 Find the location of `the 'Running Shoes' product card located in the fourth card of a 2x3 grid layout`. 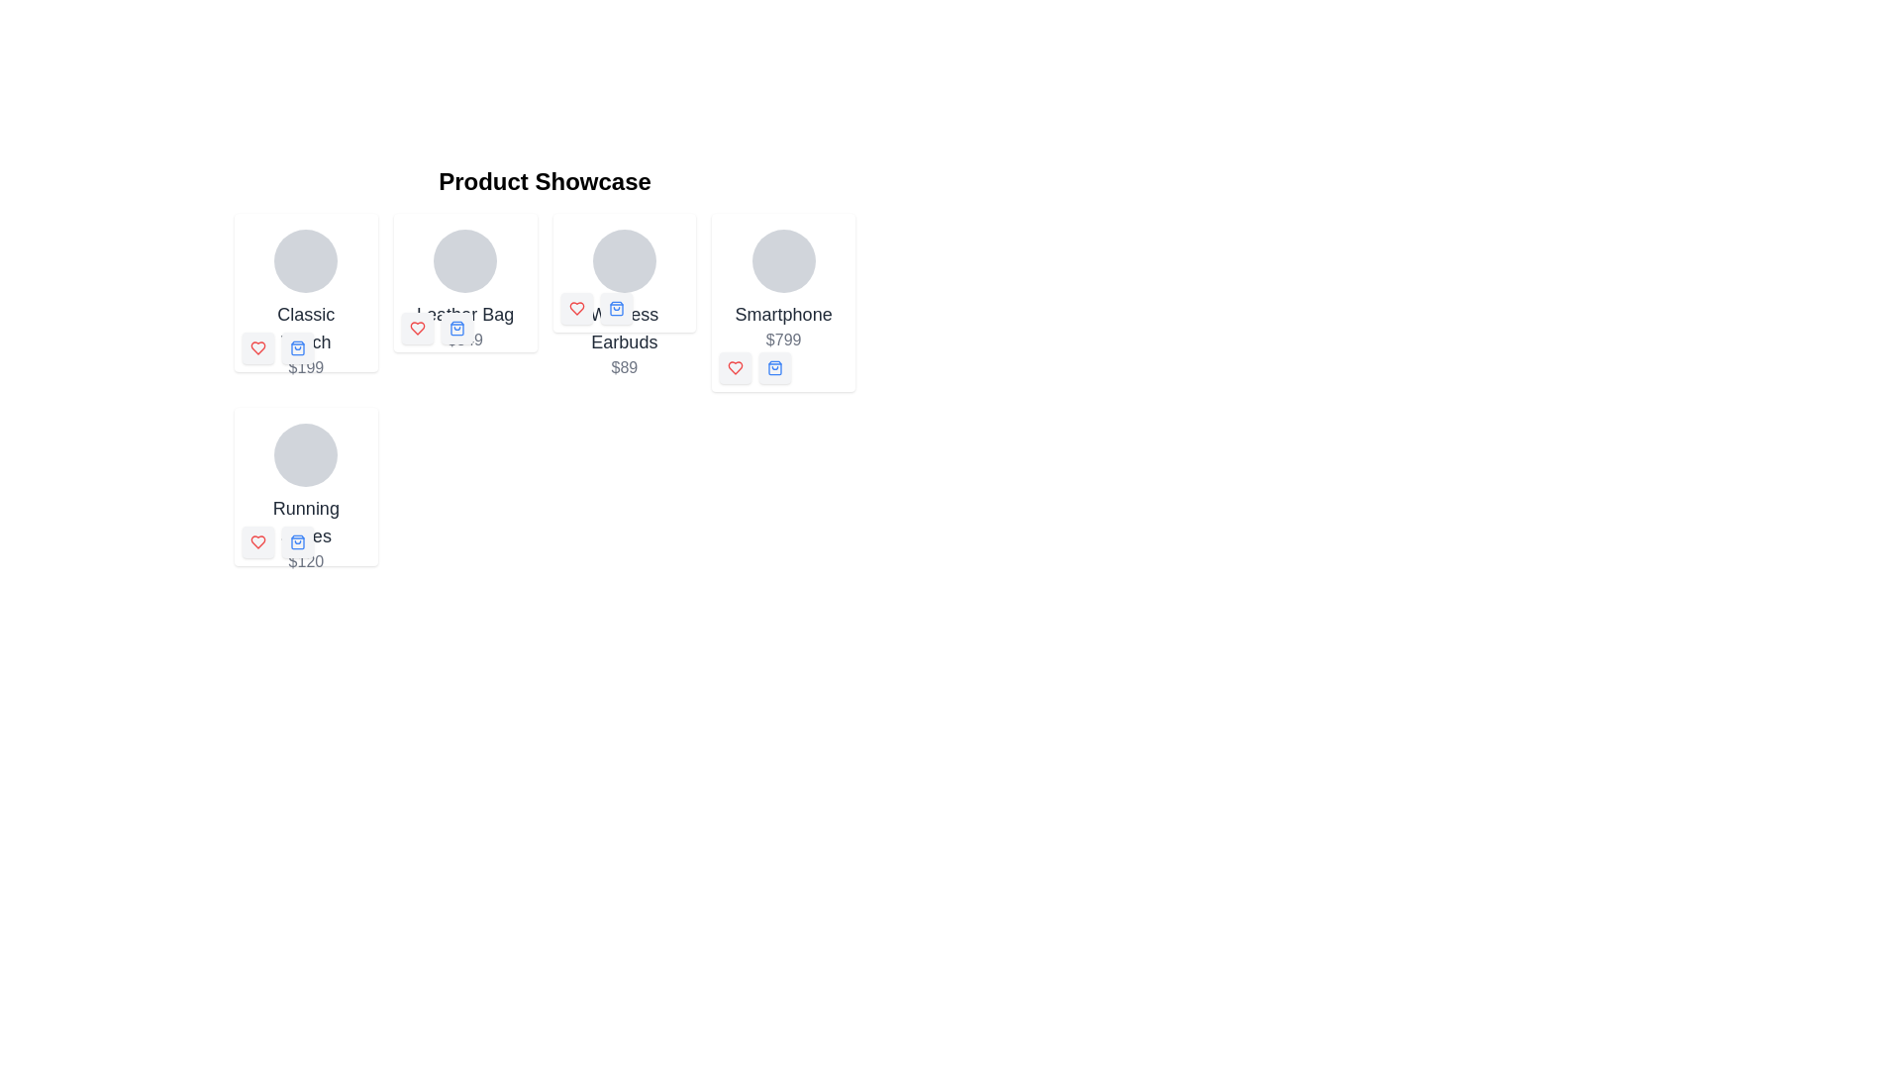

the 'Running Shoes' product card located in the fourth card of a 2x3 grid layout is located at coordinates (305, 498).